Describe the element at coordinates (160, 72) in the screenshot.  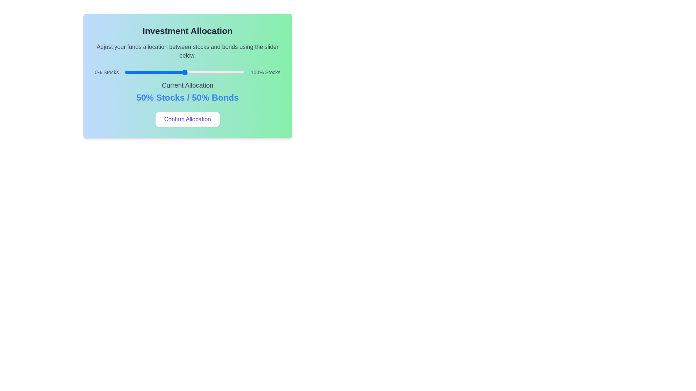
I see `the slider to set the investment allocation to 30% of stocks` at that location.